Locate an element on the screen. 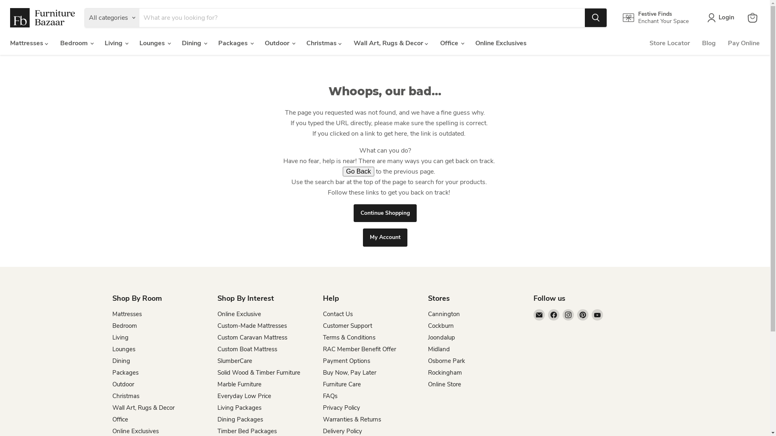 Image resolution: width=776 pixels, height=436 pixels. 'Contact Us' is located at coordinates (337, 314).